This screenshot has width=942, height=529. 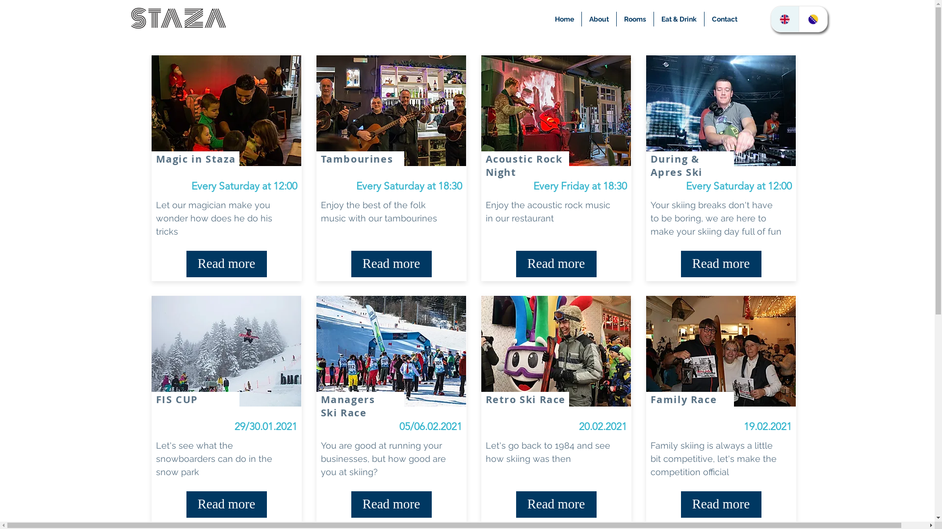 What do you see at coordinates (725, 19) in the screenshot?
I see `'Contact'` at bounding box center [725, 19].